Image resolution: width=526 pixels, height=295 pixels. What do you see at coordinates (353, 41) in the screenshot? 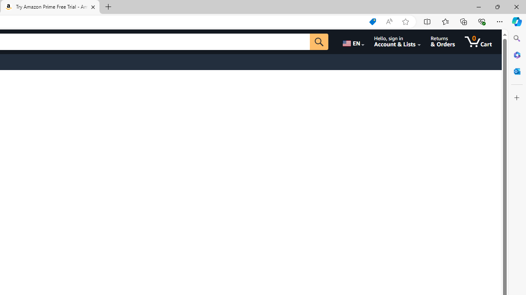
I see `'Choose a language for shopping.'` at bounding box center [353, 41].